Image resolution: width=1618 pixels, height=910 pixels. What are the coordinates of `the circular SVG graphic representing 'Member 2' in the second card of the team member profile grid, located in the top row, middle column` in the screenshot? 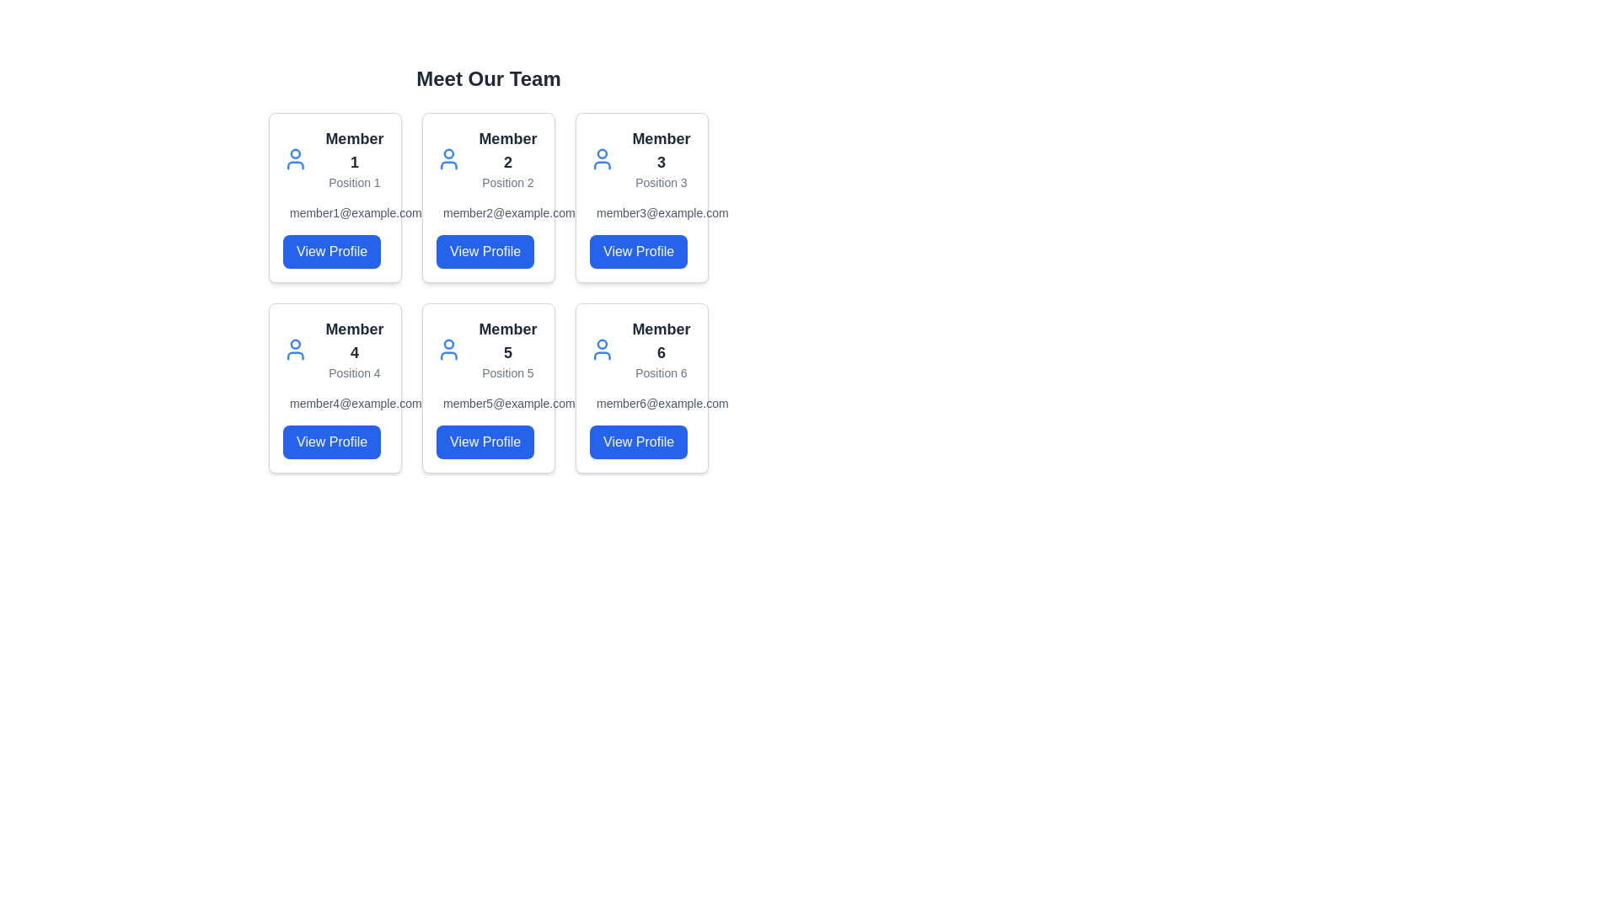 It's located at (448, 153).